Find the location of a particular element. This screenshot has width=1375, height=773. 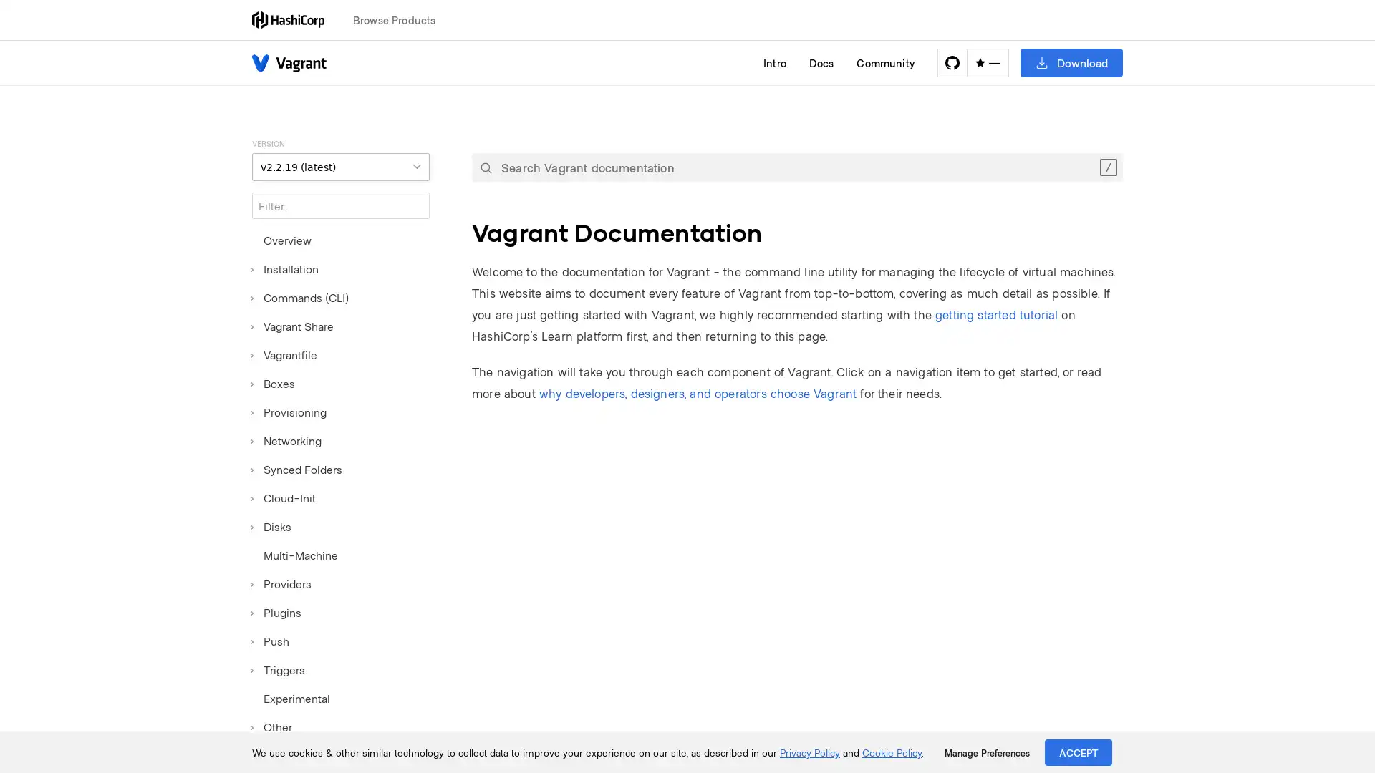

Installation is located at coordinates (285, 268).